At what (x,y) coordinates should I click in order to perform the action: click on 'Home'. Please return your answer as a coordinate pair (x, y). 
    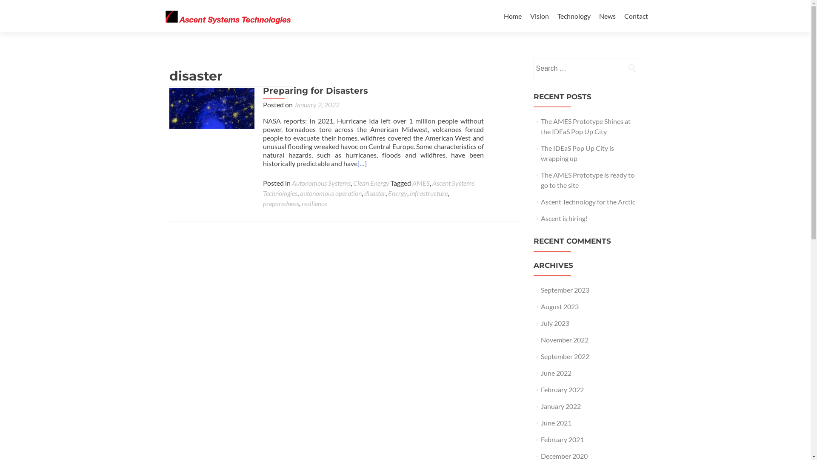
    Looking at the image, I should click on (512, 16).